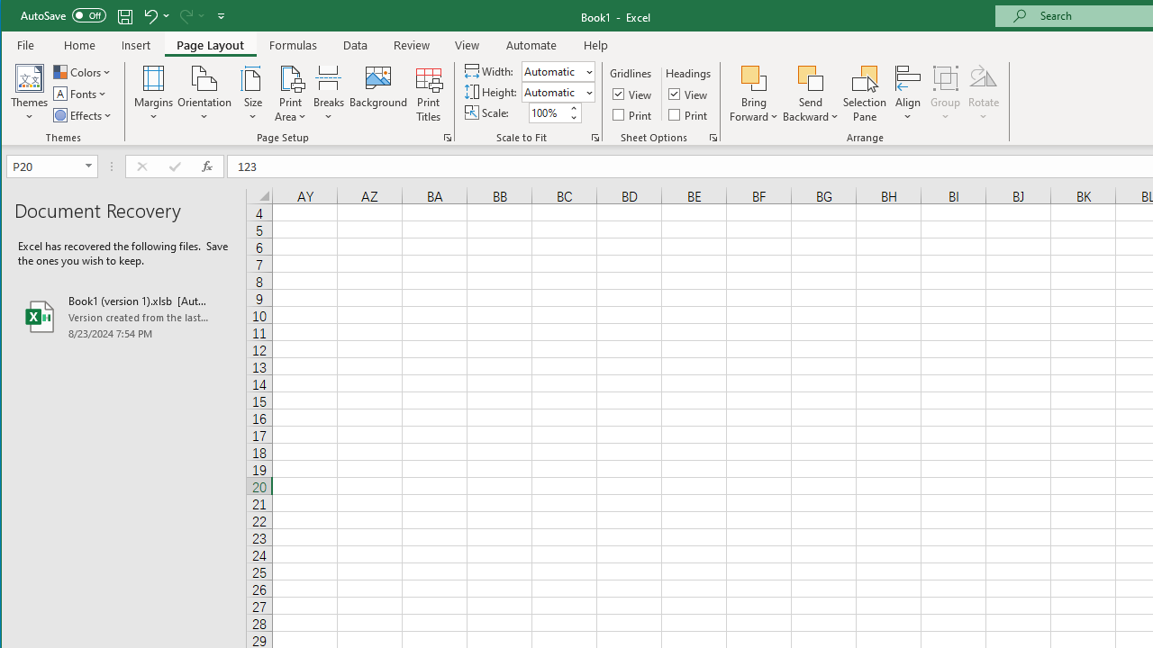 Image resolution: width=1153 pixels, height=648 pixels. Describe the element at coordinates (551, 70) in the screenshot. I see `'Width'` at that location.